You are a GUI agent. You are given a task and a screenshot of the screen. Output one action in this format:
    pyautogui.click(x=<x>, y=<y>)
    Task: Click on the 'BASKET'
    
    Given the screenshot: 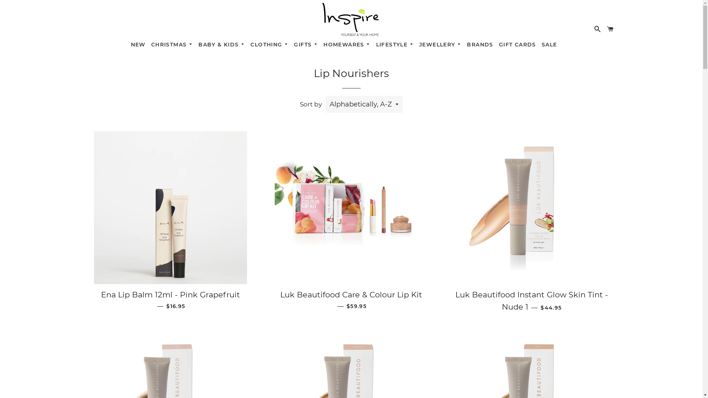 What is the action you would take?
    pyautogui.click(x=610, y=28)
    